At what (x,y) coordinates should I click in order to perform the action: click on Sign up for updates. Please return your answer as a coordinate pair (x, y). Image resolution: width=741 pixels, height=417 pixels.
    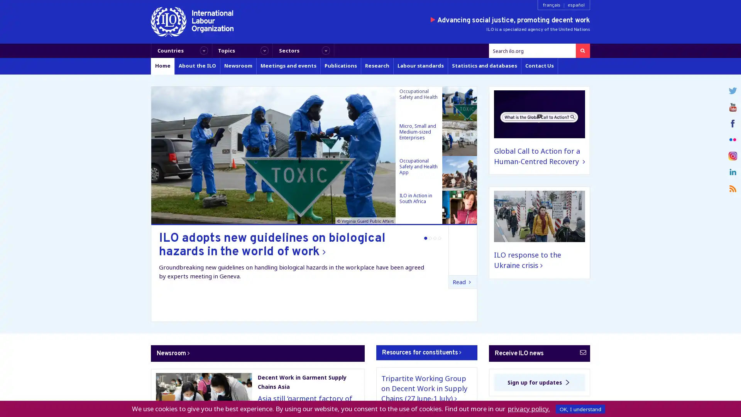
    Looking at the image, I should click on (539, 382).